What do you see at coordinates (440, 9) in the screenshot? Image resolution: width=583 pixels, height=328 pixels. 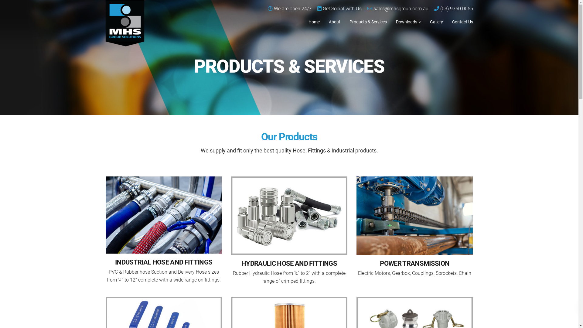 I see `'(03) 9360 0055'` at bounding box center [440, 9].